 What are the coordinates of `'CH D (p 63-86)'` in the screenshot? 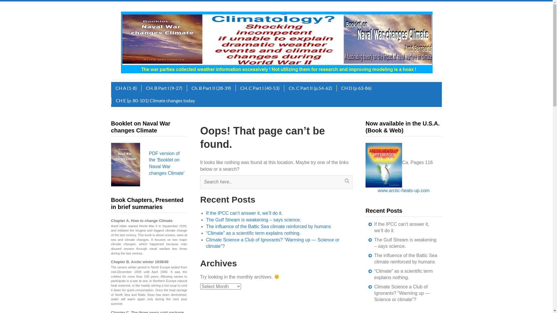 It's located at (356, 88).